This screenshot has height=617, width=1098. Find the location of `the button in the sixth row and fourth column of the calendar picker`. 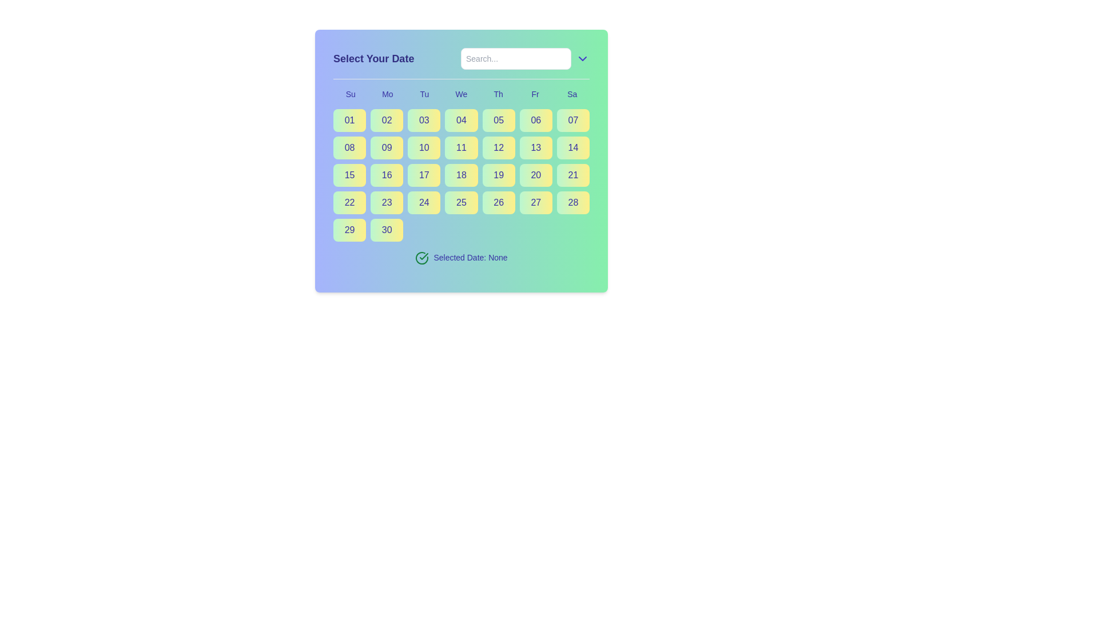

the button in the sixth row and fourth column of the calendar picker is located at coordinates (535, 202).